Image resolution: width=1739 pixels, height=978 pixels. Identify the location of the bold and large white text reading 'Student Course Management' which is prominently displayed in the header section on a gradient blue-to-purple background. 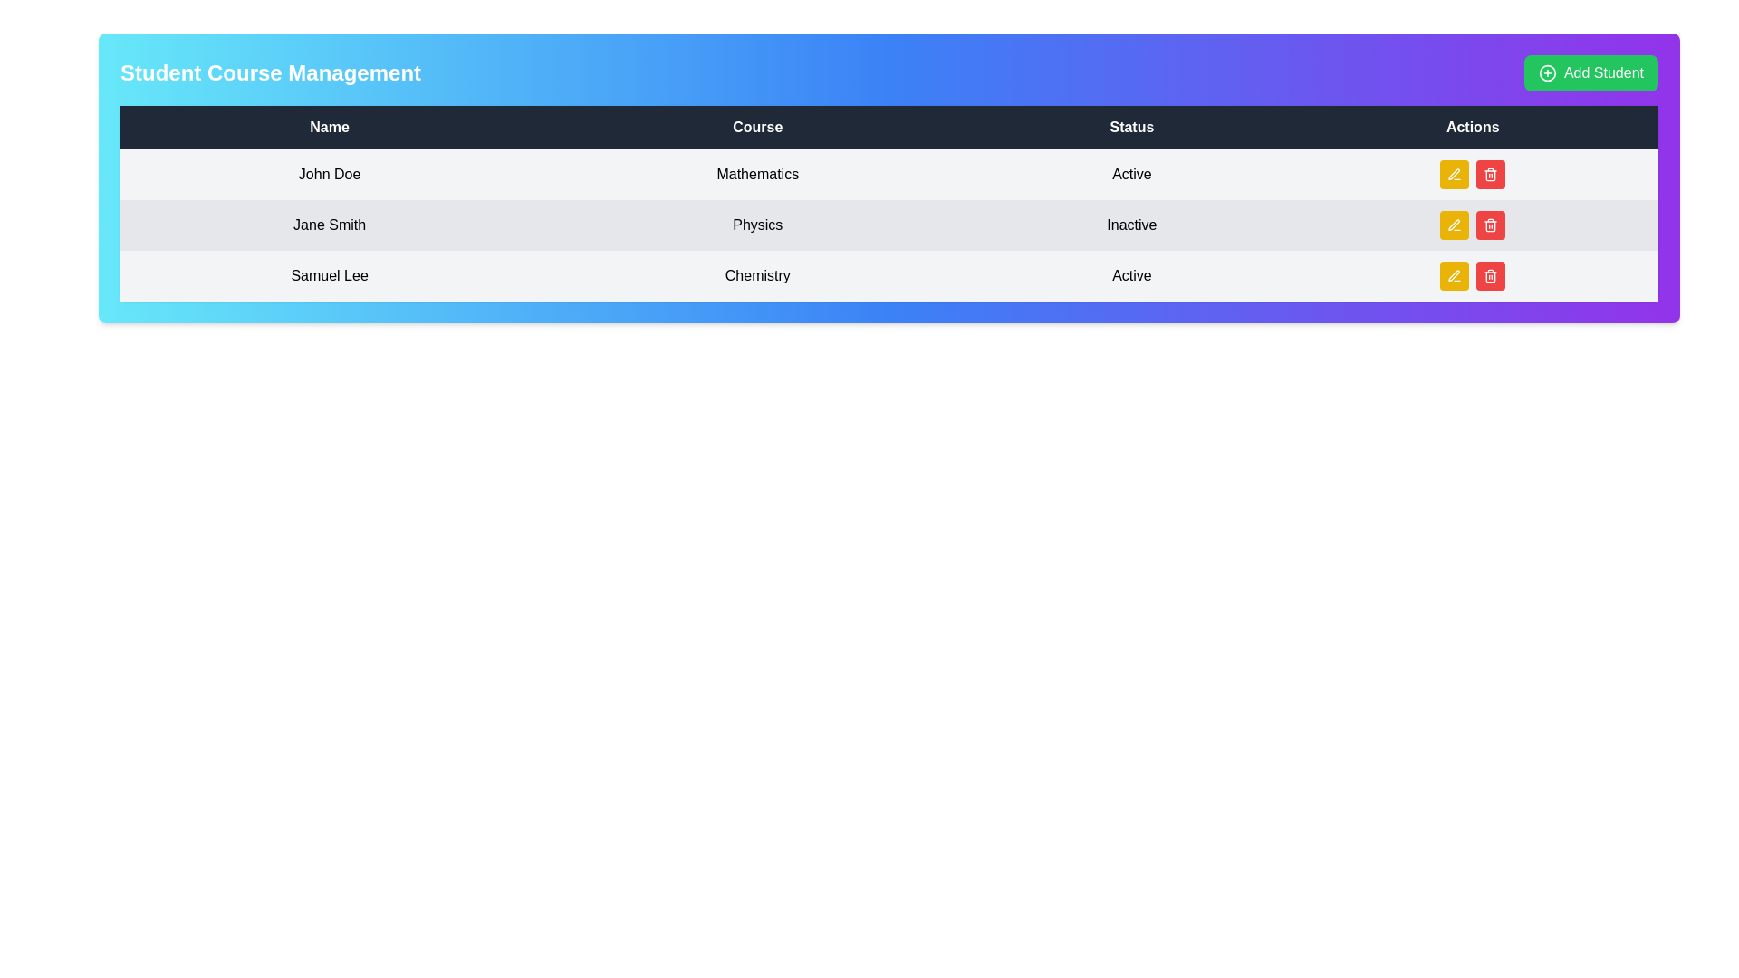
(269, 72).